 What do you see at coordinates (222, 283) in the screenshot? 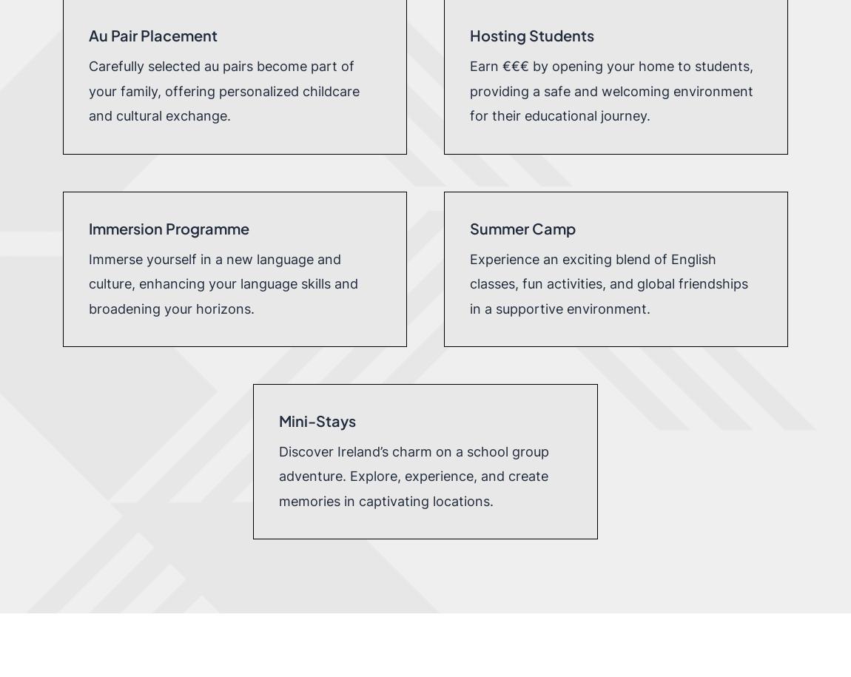
I see `'Immerse yourself in a new language and culture, enhancing your language skills and broadening your horizons.'` at bounding box center [222, 283].